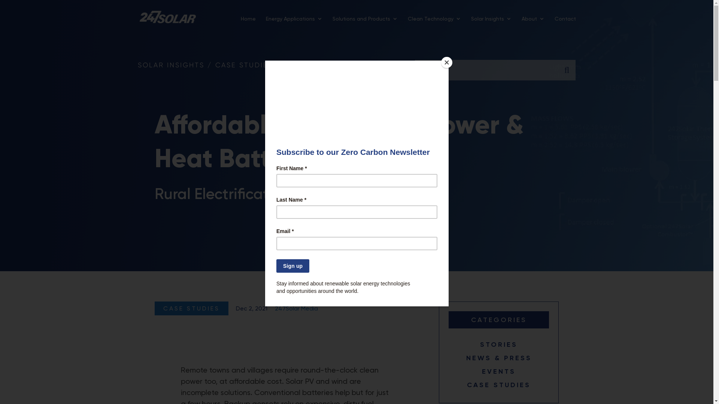 This screenshot has height=404, width=719. I want to click on 'NEWS & PRESS', so click(499, 357).